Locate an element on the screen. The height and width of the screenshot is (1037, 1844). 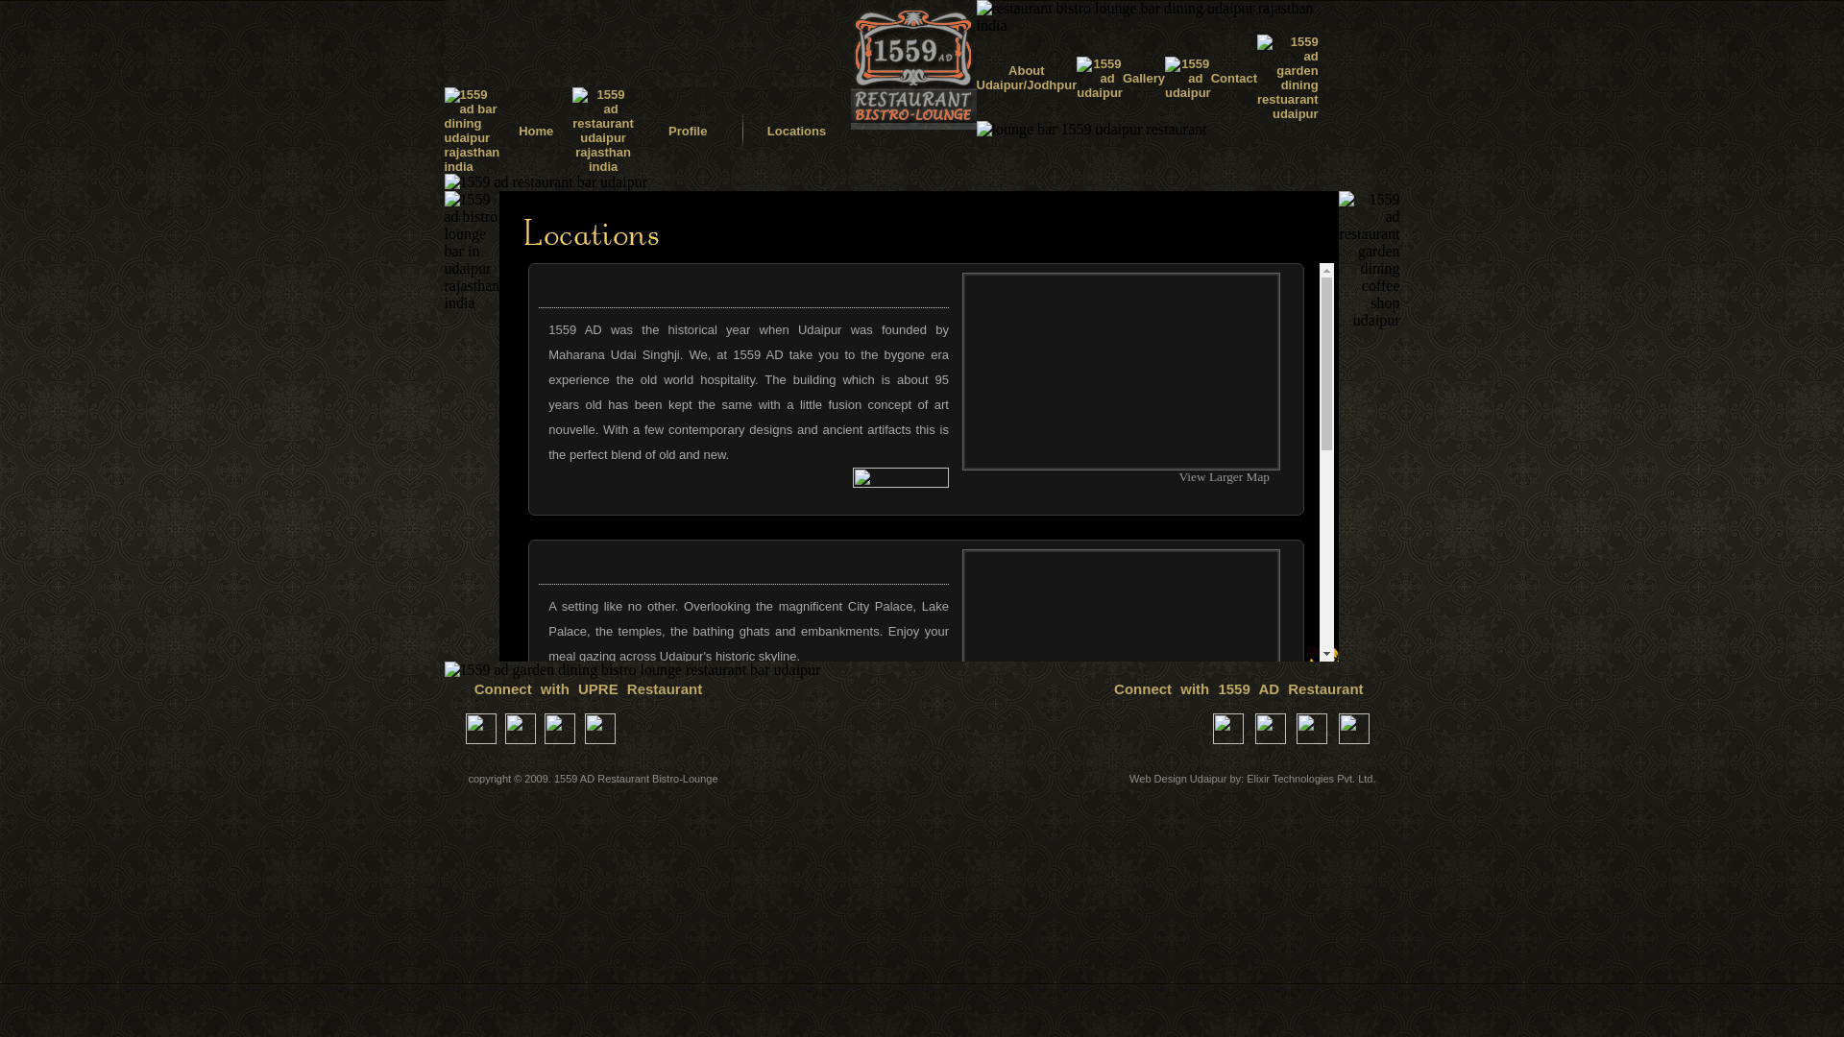
'Contact' is located at coordinates (1234, 77).